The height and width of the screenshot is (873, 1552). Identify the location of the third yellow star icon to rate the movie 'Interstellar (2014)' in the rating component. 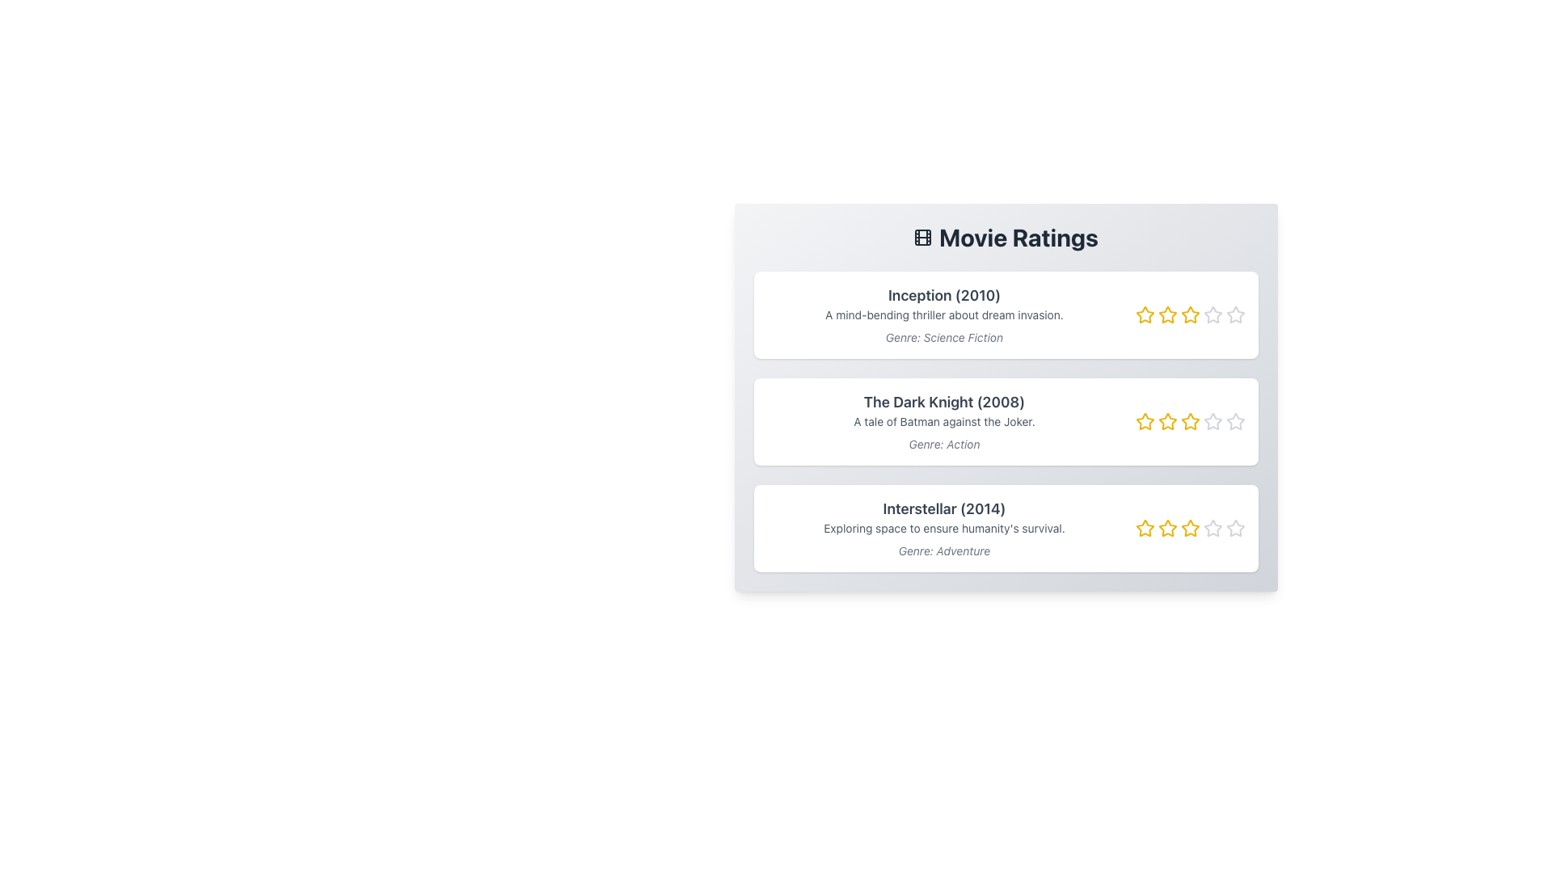
(1190, 529).